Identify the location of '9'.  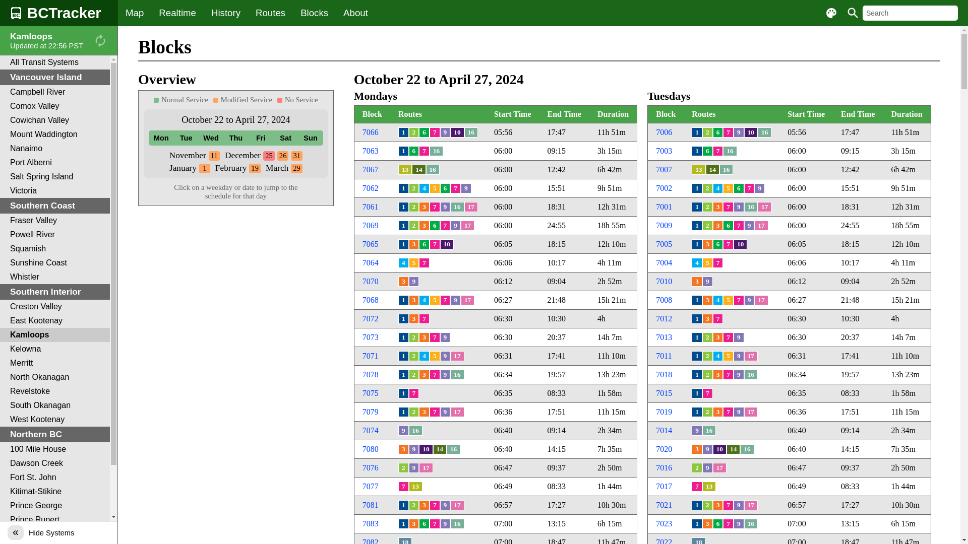
(696, 431).